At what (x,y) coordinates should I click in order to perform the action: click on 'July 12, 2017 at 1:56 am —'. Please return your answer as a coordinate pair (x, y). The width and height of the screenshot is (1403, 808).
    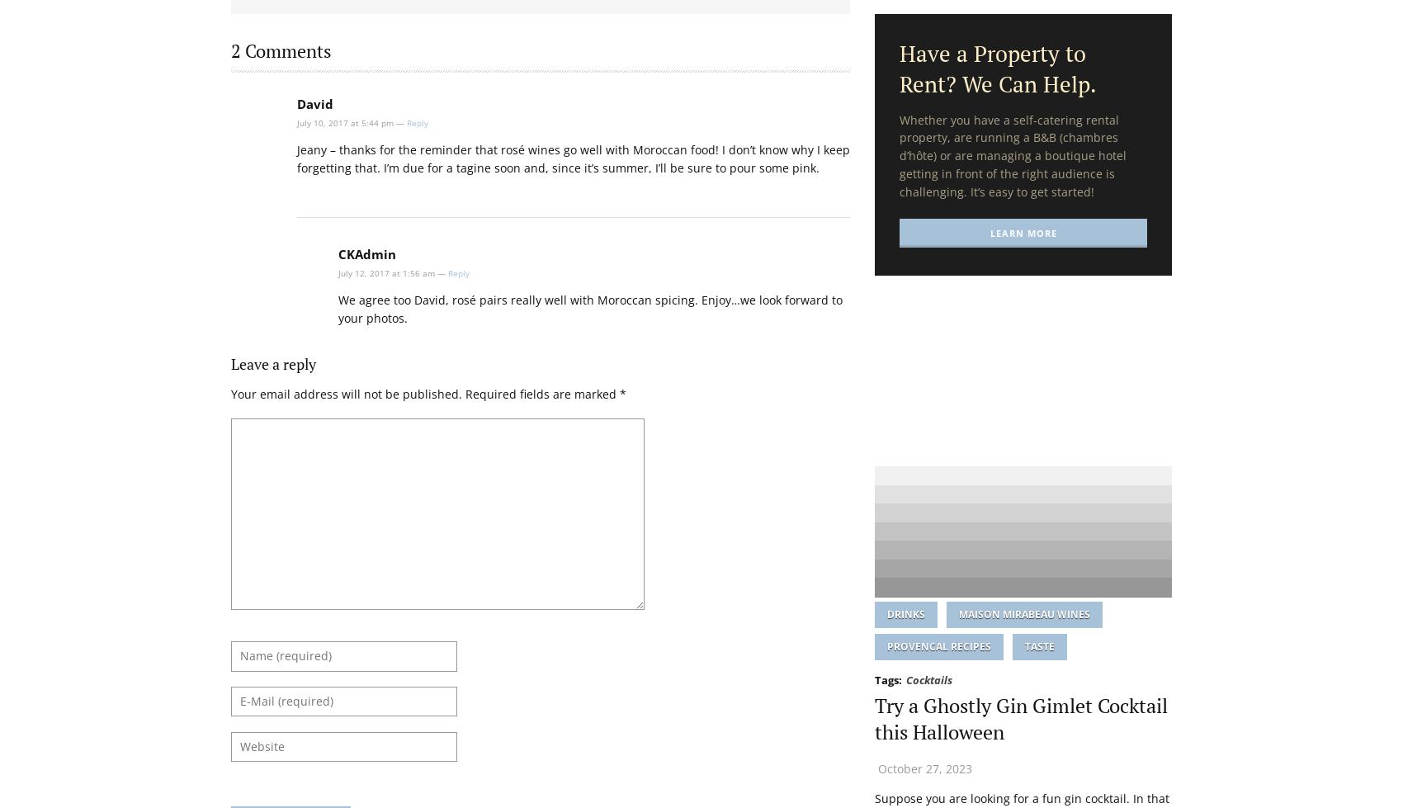
    Looking at the image, I should click on (338, 272).